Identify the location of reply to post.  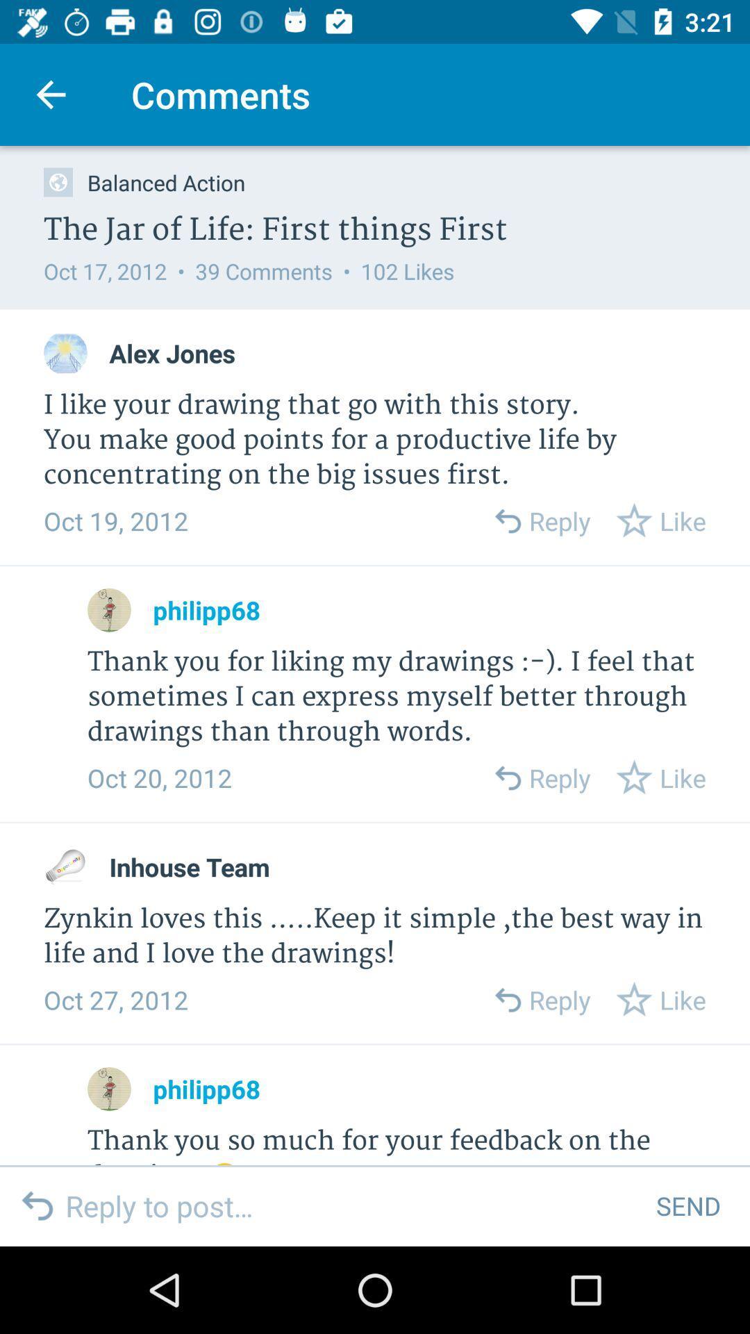
(349, 1205).